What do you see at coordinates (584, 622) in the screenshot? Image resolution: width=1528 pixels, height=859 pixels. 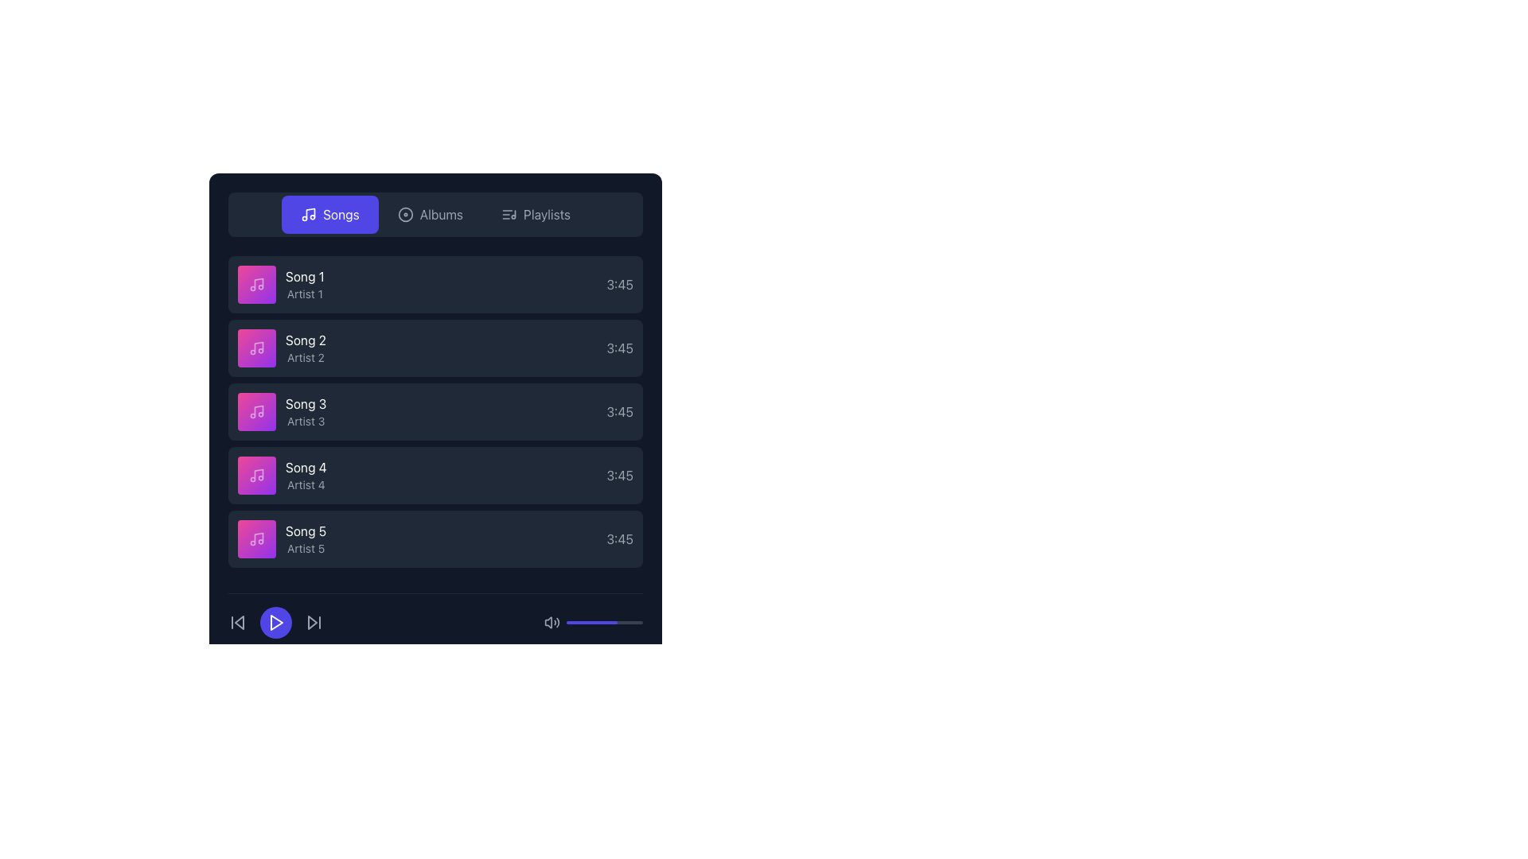 I see `the volume slider` at bounding box center [584, 622].